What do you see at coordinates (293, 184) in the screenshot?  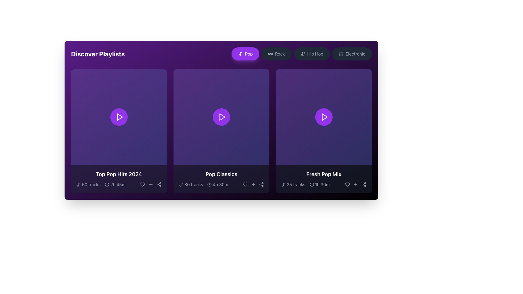 I see `text displayed as '25 tracks' next to the musical note icon in the bottom left corner of the 'Fresh Pop Mix' card` at bounding box center [293, 184].